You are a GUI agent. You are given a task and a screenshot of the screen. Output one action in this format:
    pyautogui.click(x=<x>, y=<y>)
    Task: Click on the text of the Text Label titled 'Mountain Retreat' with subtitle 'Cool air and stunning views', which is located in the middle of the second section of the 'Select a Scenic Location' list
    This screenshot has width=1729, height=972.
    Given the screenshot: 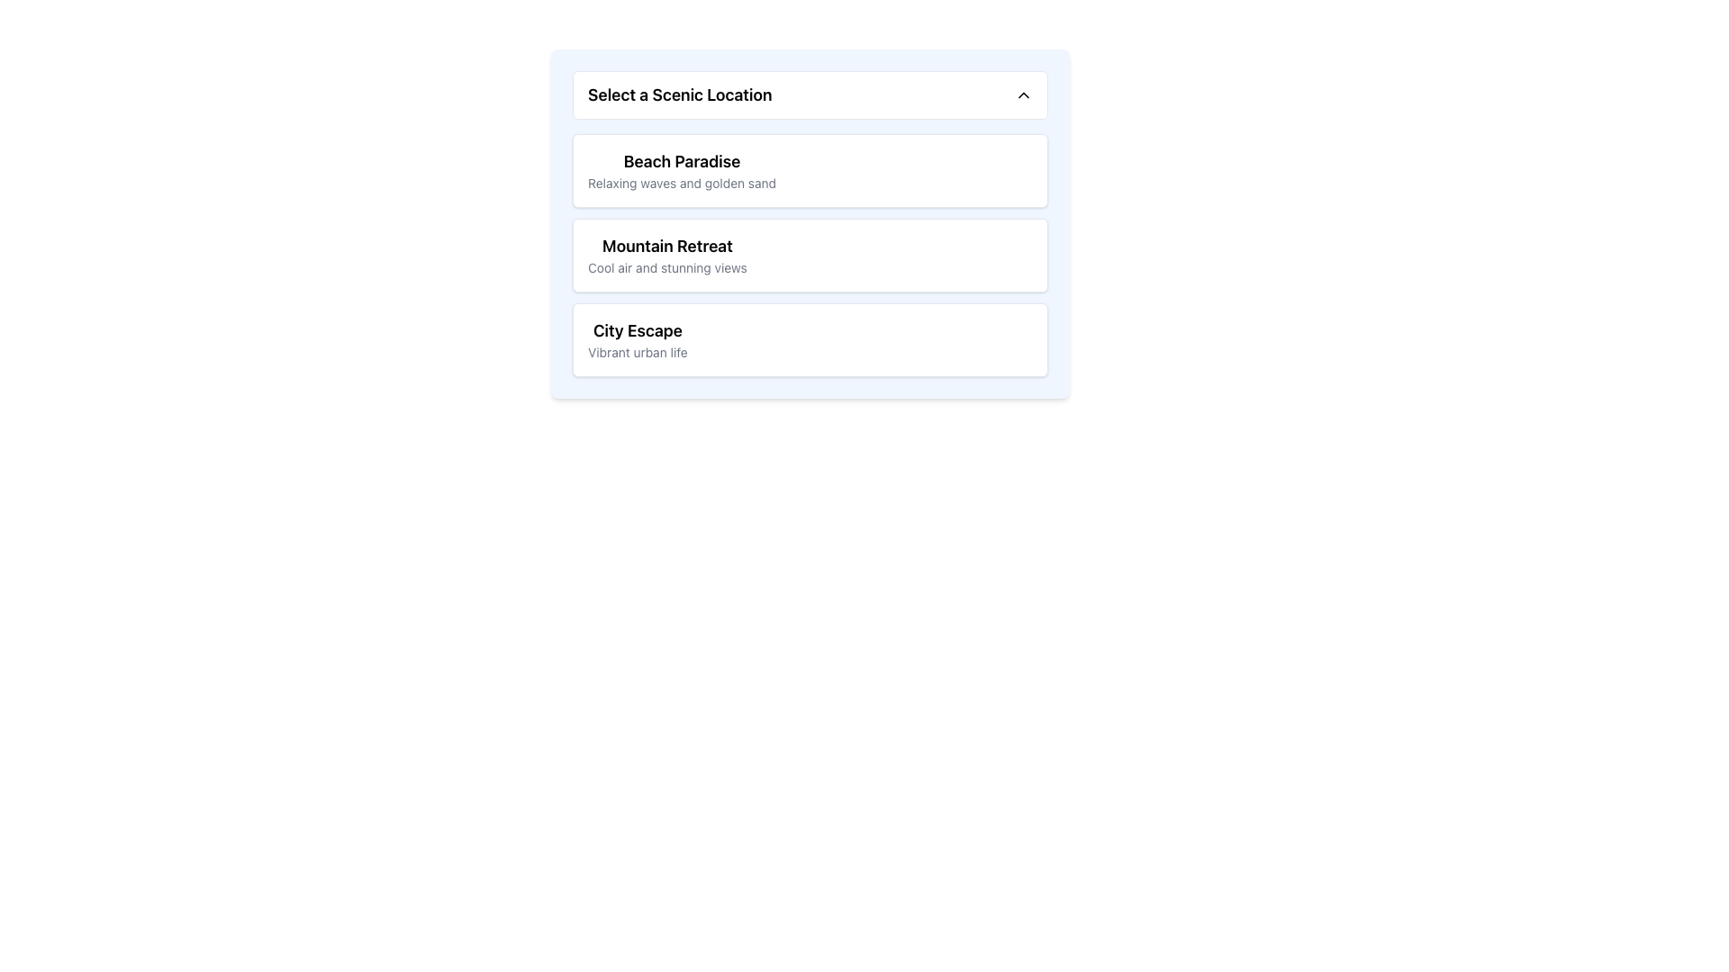 What is the action you would take?
    pyautogui.click(x=666, y=256)
    